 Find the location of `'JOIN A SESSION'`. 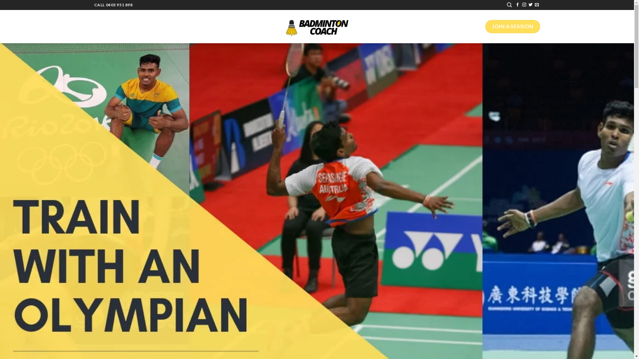

'JOIN A SESSION' is located at coordinates (512, 26).